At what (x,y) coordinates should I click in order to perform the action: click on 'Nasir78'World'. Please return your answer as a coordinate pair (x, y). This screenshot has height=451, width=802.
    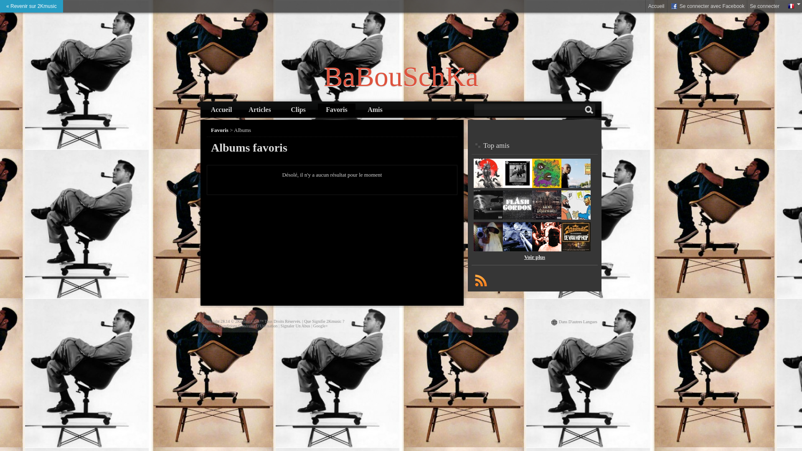
    Looking at the image, I should click on (575, 186).